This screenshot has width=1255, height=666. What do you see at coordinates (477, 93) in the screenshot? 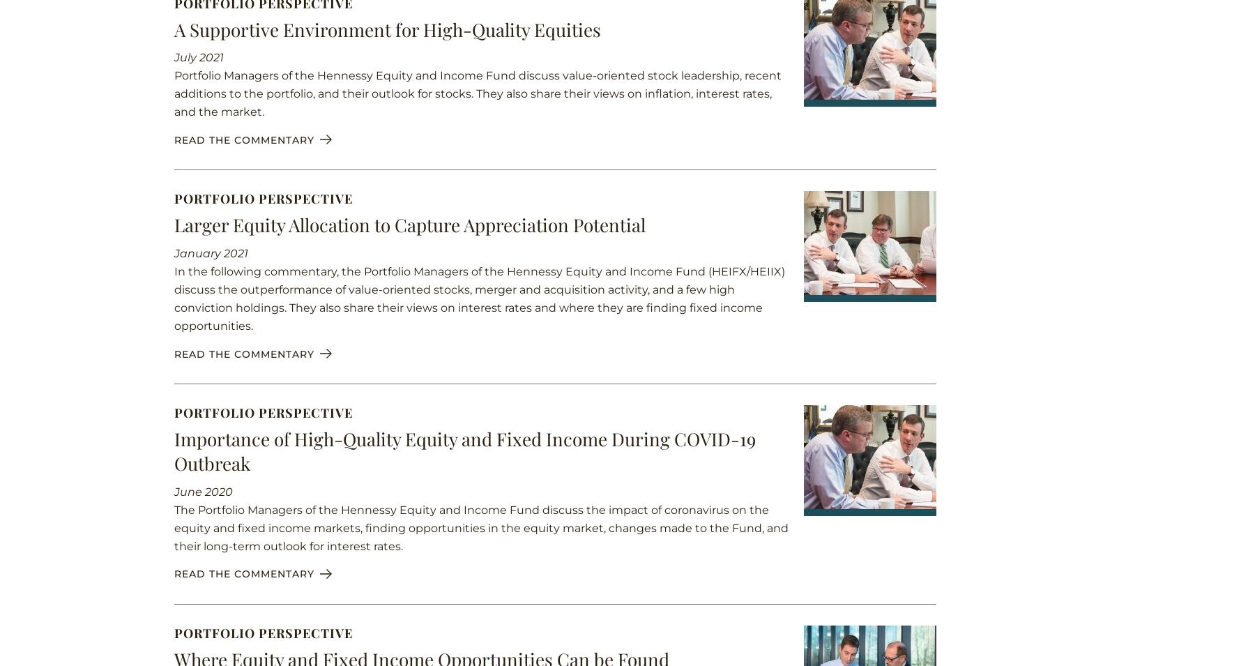
I see `'Portfolio Managers of the Hennessy Equity and Income Fund discuss value-oriented stock leadership, recent additions to the portfolio, and their outlook for stocks. They also share their views on inflation, interest rates, and the market.'` at bounding box center [477, 93].